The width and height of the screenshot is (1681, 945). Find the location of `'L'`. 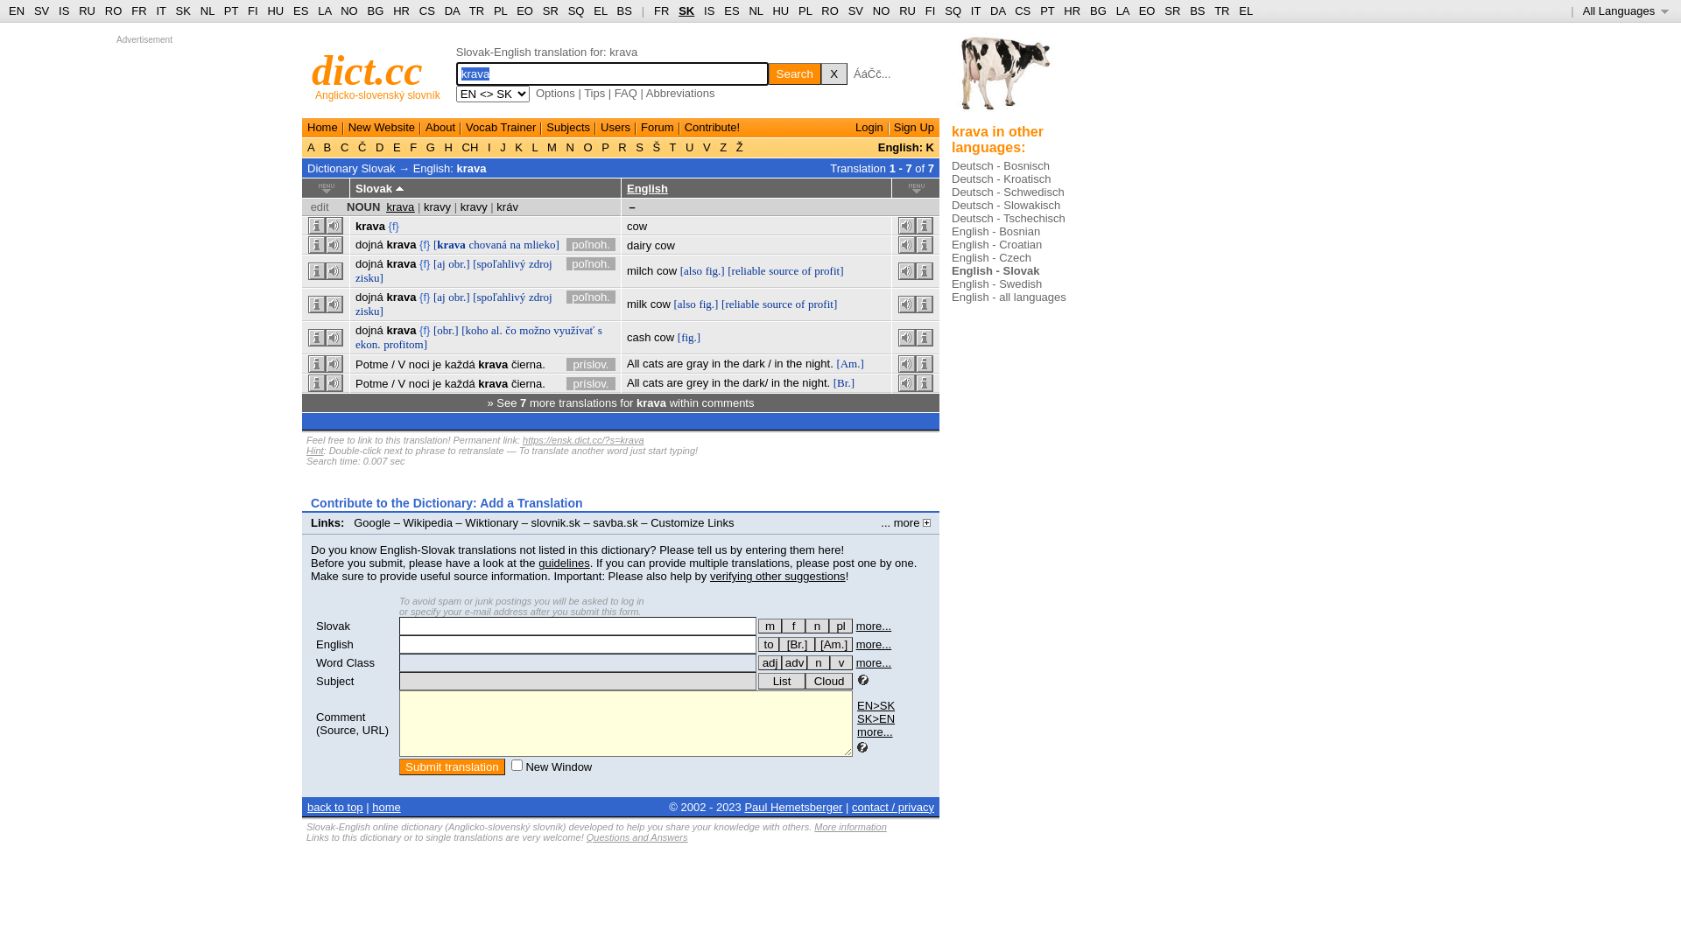

'L' is located at coordinates (533, 146).